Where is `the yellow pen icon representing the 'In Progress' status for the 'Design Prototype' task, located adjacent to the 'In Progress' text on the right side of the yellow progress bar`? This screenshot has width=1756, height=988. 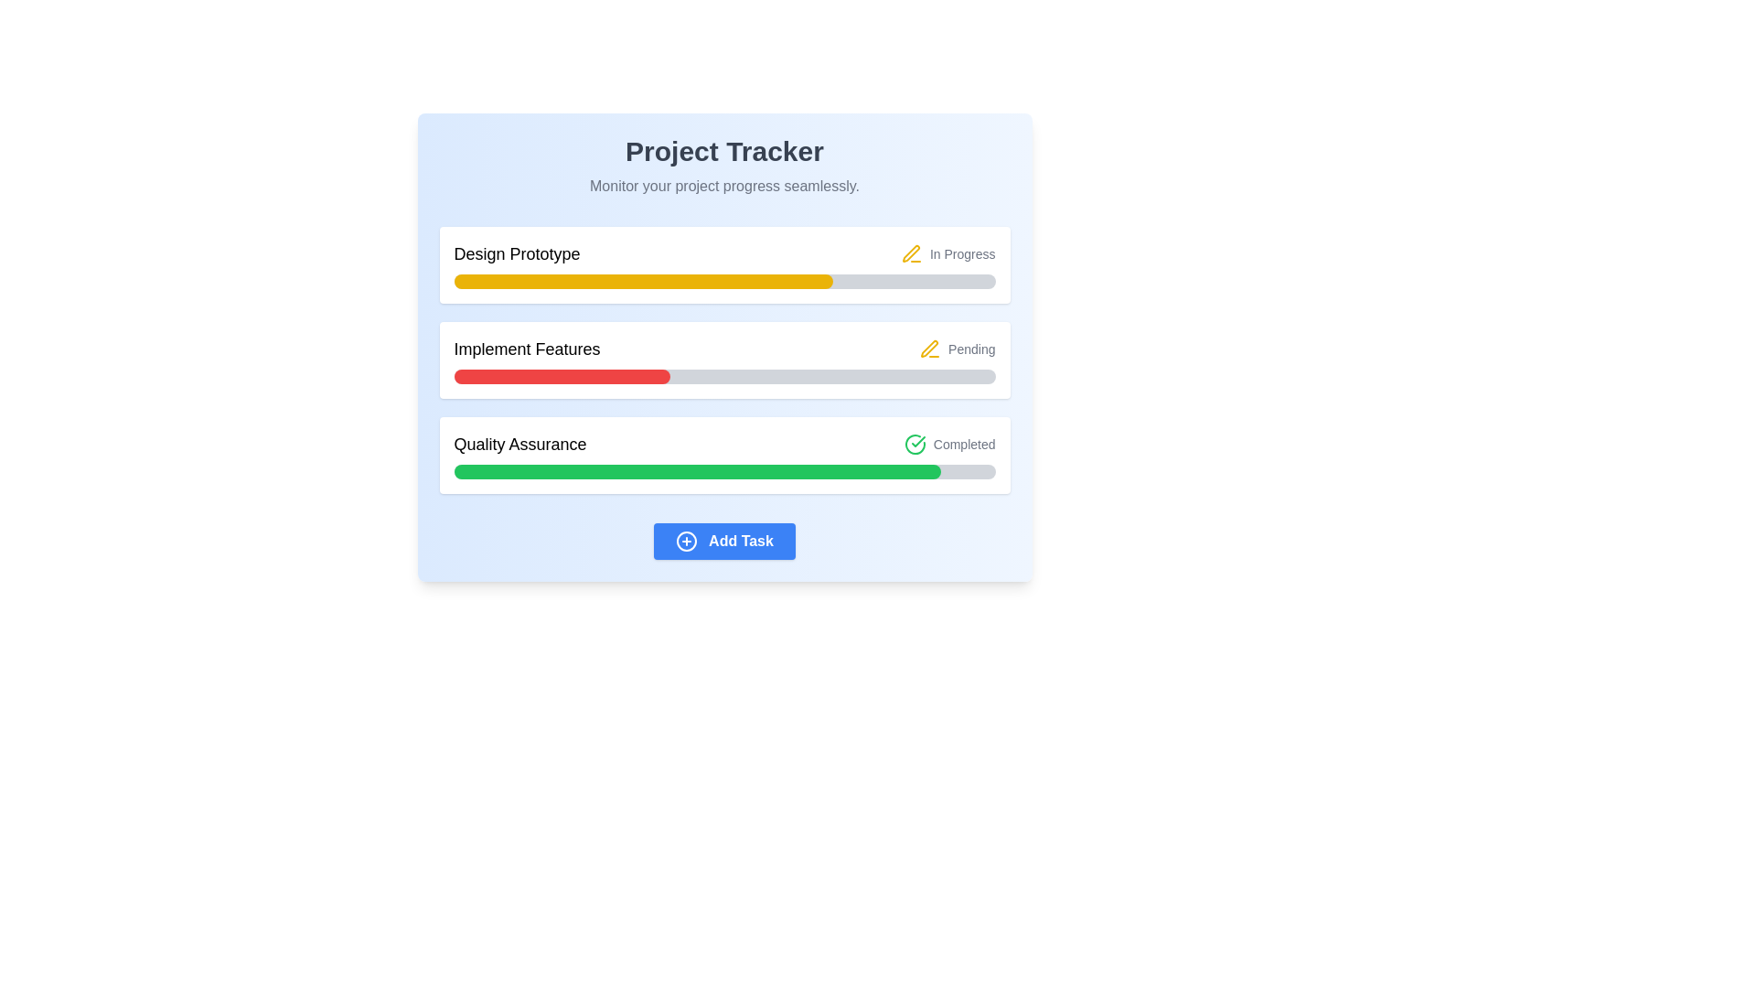
the yellow pen icon representing the 'In Progress' status for the 'Design Prototype' task, located adjacent to the 'In Progress' text on the right side of the yellow progress bar is located at coordinates (929, 349).